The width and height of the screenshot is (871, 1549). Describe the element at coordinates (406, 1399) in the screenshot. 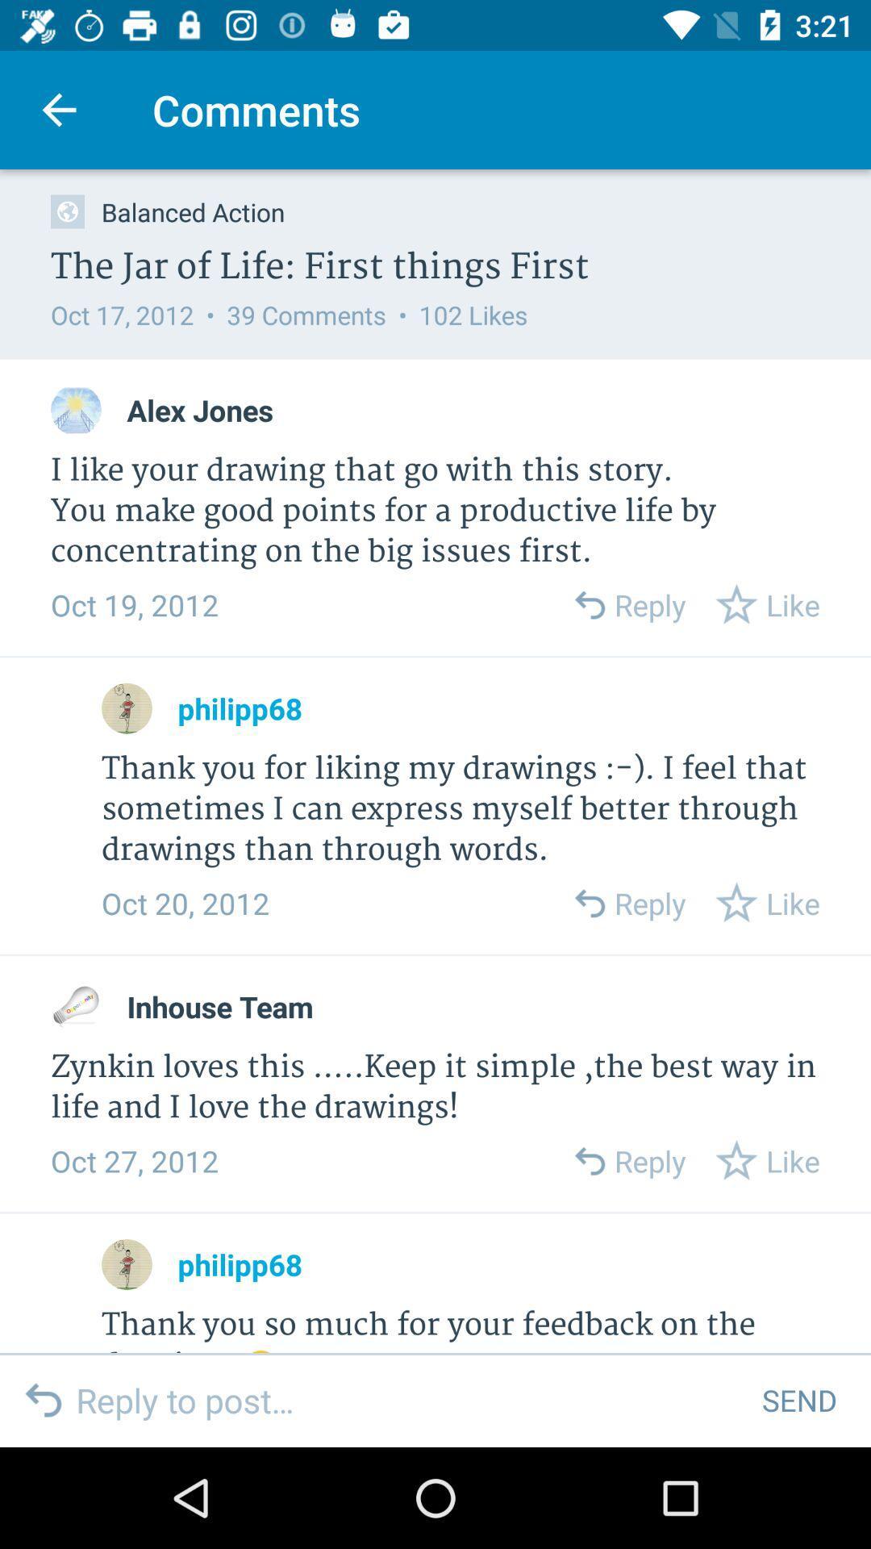

I see `icon to the left of send icon` at that location.